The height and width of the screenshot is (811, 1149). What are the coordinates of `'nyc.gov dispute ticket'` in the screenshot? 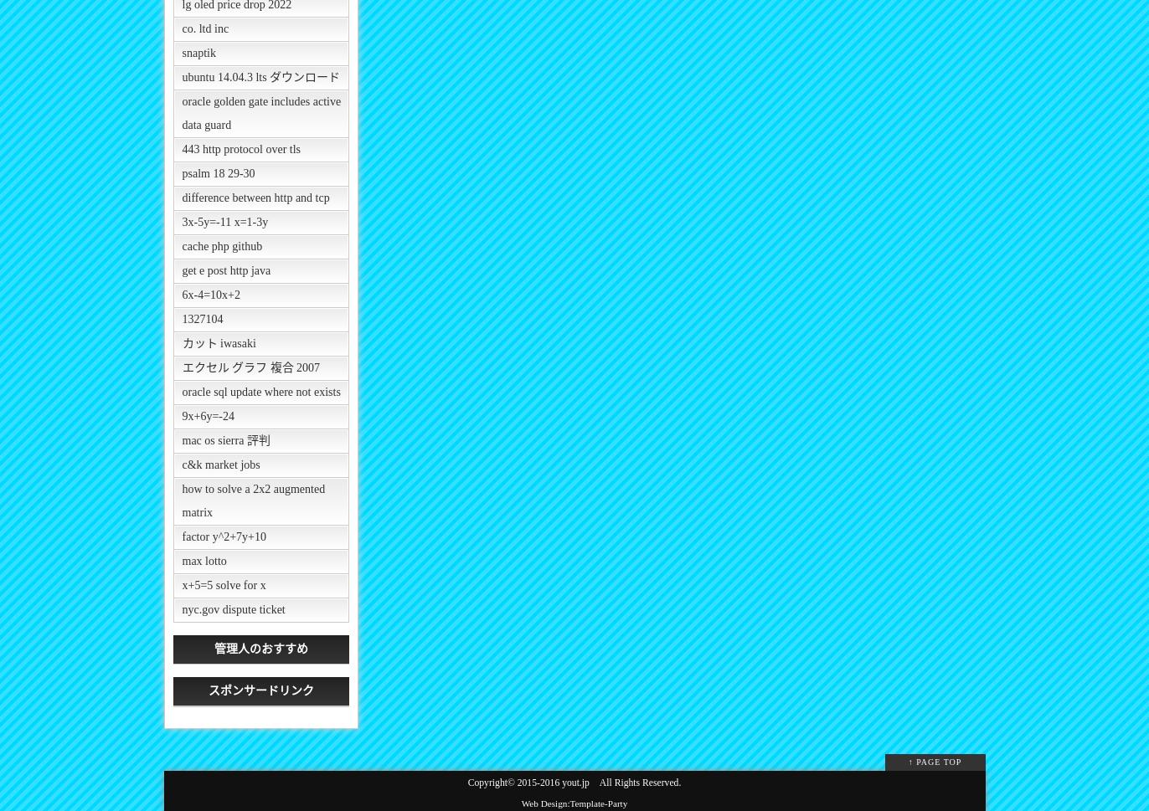 It's located at (233, 609).